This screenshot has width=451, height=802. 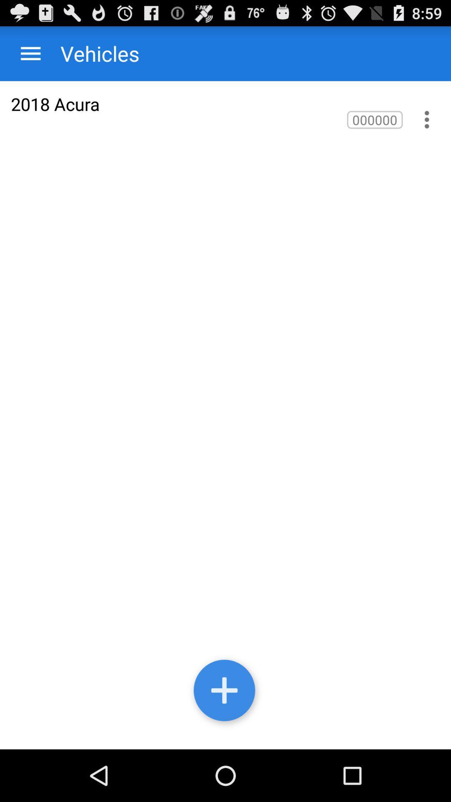 What do you see at coordinates (91, 53) in the screenshot?
I see `vehicles item` at bounding box center [91, 53].